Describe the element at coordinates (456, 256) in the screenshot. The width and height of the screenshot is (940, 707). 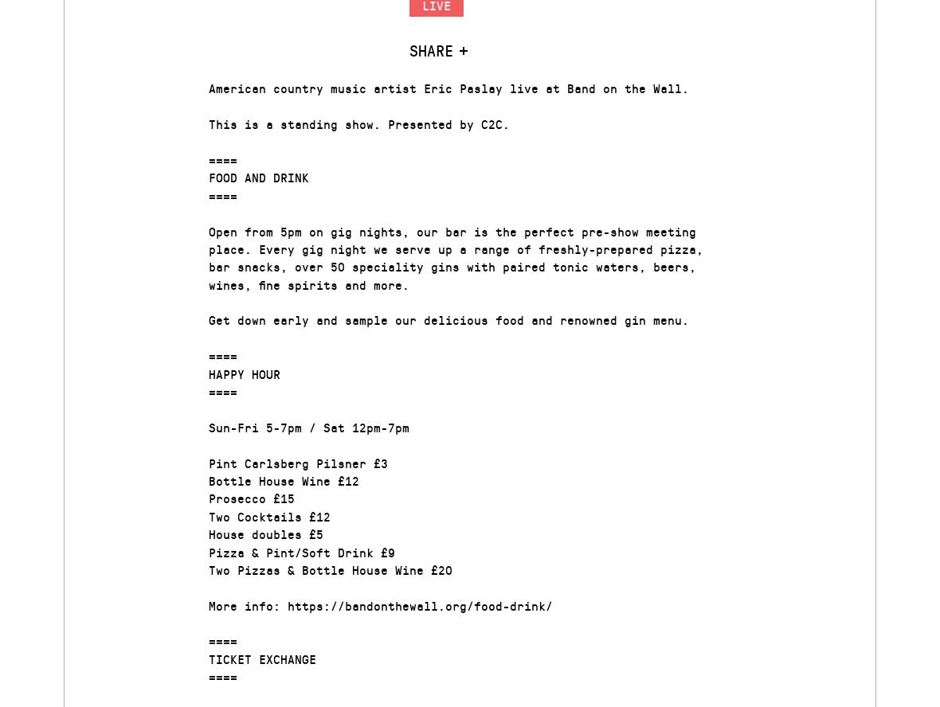
I see `'Open from 5pm on gig nights, our bar is the perfect pre-show meeting place. Every gig night we serve up a range of freshly-prepared pizza, bar snacks, over 50 speciality gins with paired tonic waters, beers, wines, fine spirits and more.'` at that location.